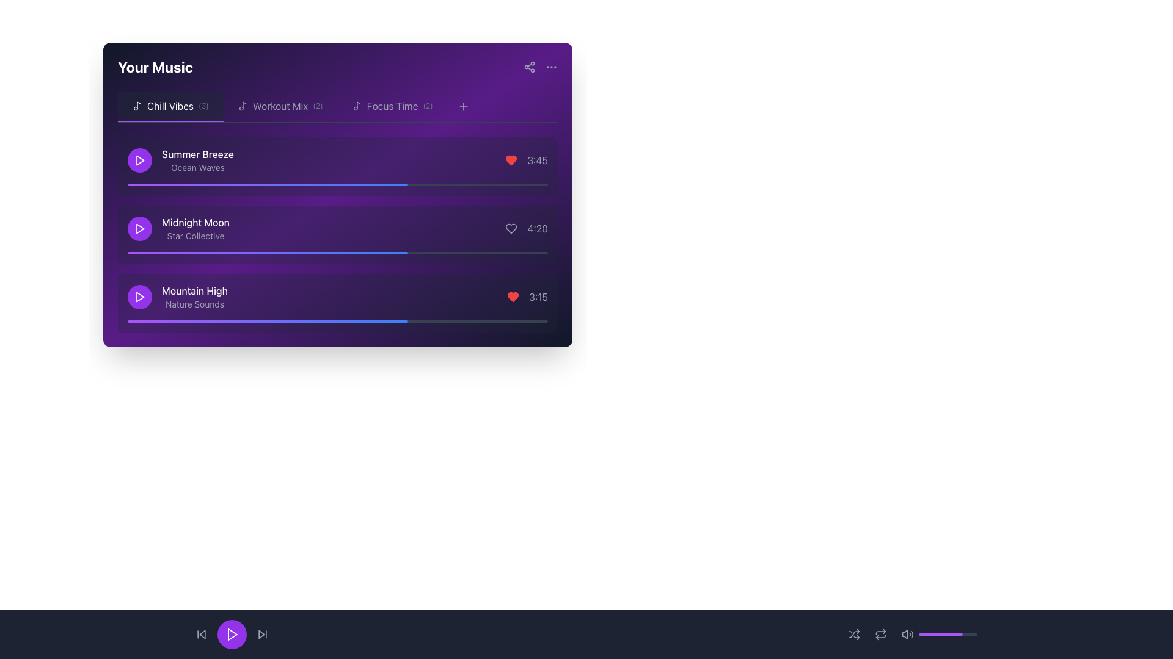 The image size is (1173, 659). Describe the element at coordinates (140, 297) in the screenshot. I see `the play button, a triangular icon with a red interior on a purple circular background, located in the third row under the 'Chill Vibes' tab in 'Your Music', next to the text 'Mountain High'` at that location.